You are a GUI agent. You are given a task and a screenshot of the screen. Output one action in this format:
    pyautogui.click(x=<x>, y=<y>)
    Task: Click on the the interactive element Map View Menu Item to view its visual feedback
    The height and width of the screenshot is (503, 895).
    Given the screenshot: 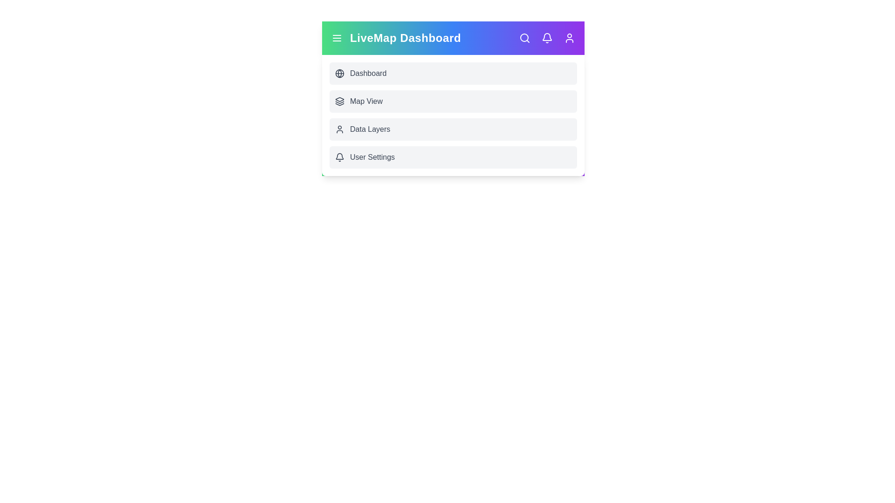 What is the action you would take?
    pyautogui.click(x=453, y=102)
    